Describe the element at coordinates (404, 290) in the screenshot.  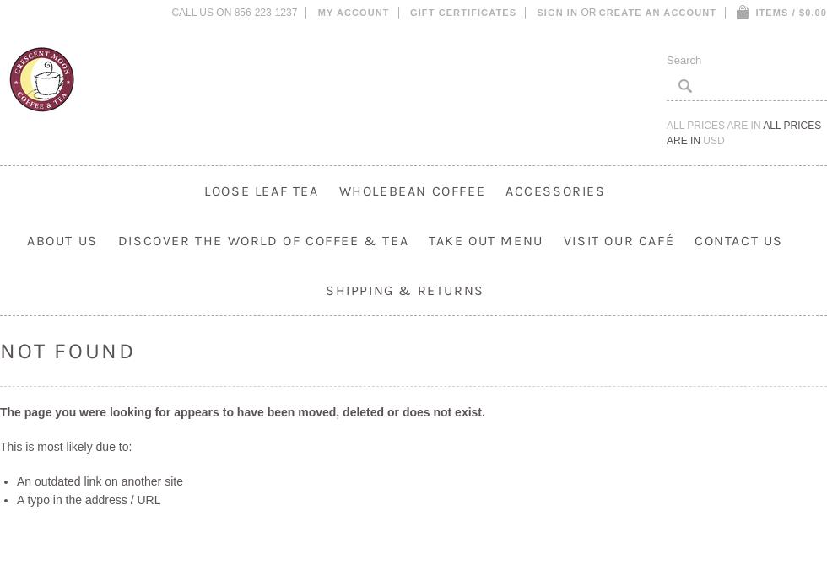
I see `'Shipping & Returns'` at that location.